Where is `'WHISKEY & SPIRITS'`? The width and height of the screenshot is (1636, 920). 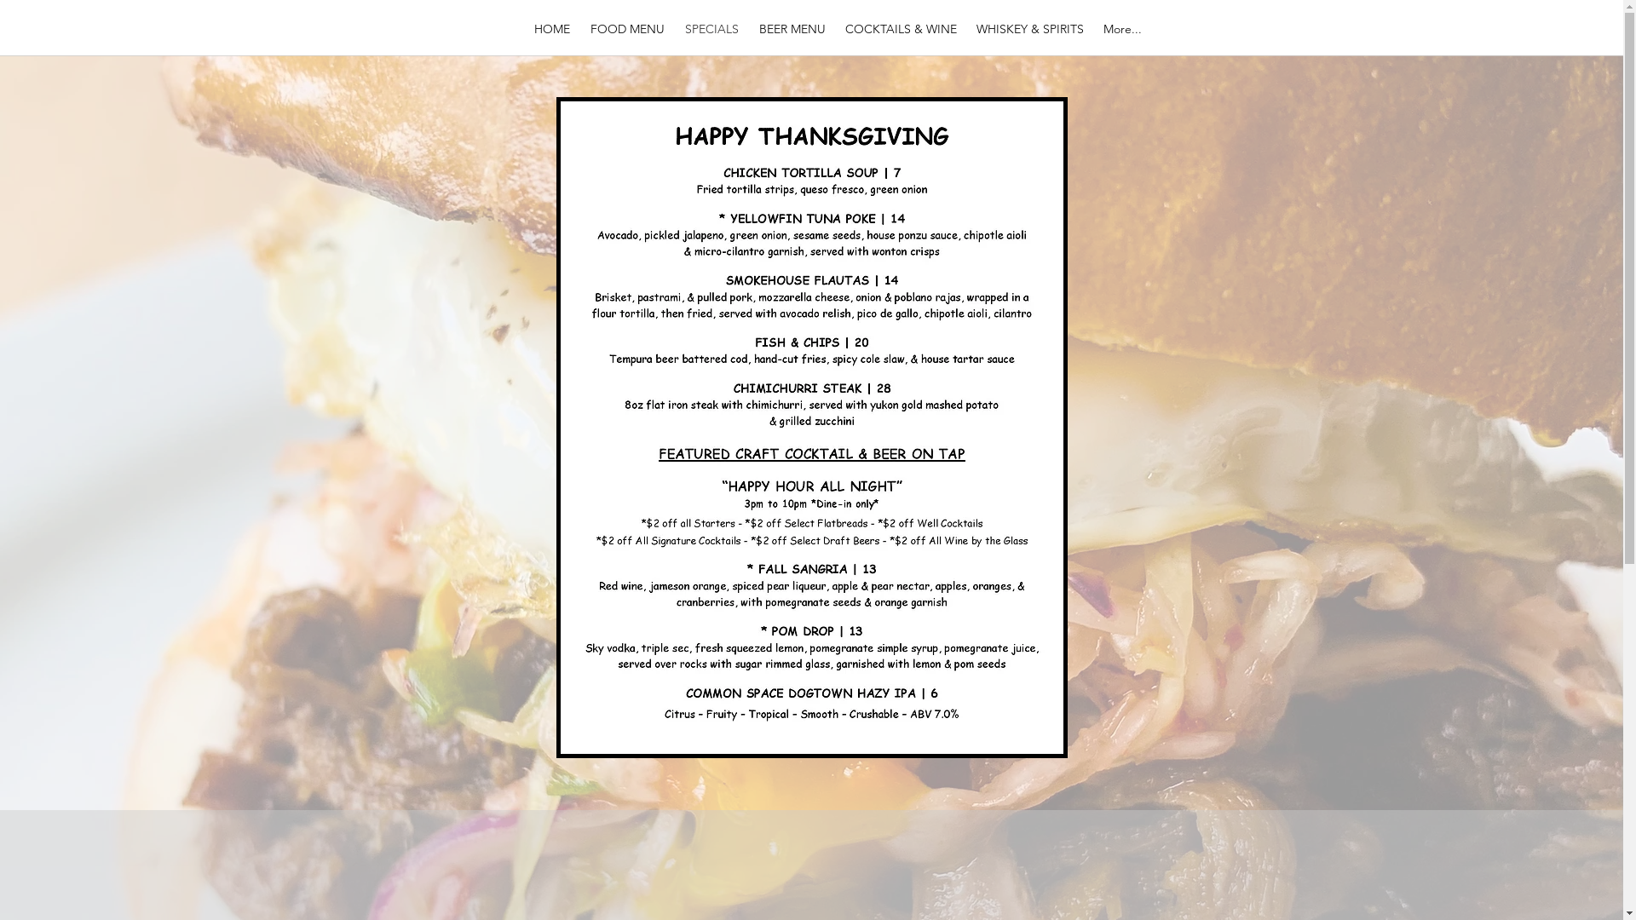
'WHISKEY & SPIRITS' is located at coordinates (1028, 28).